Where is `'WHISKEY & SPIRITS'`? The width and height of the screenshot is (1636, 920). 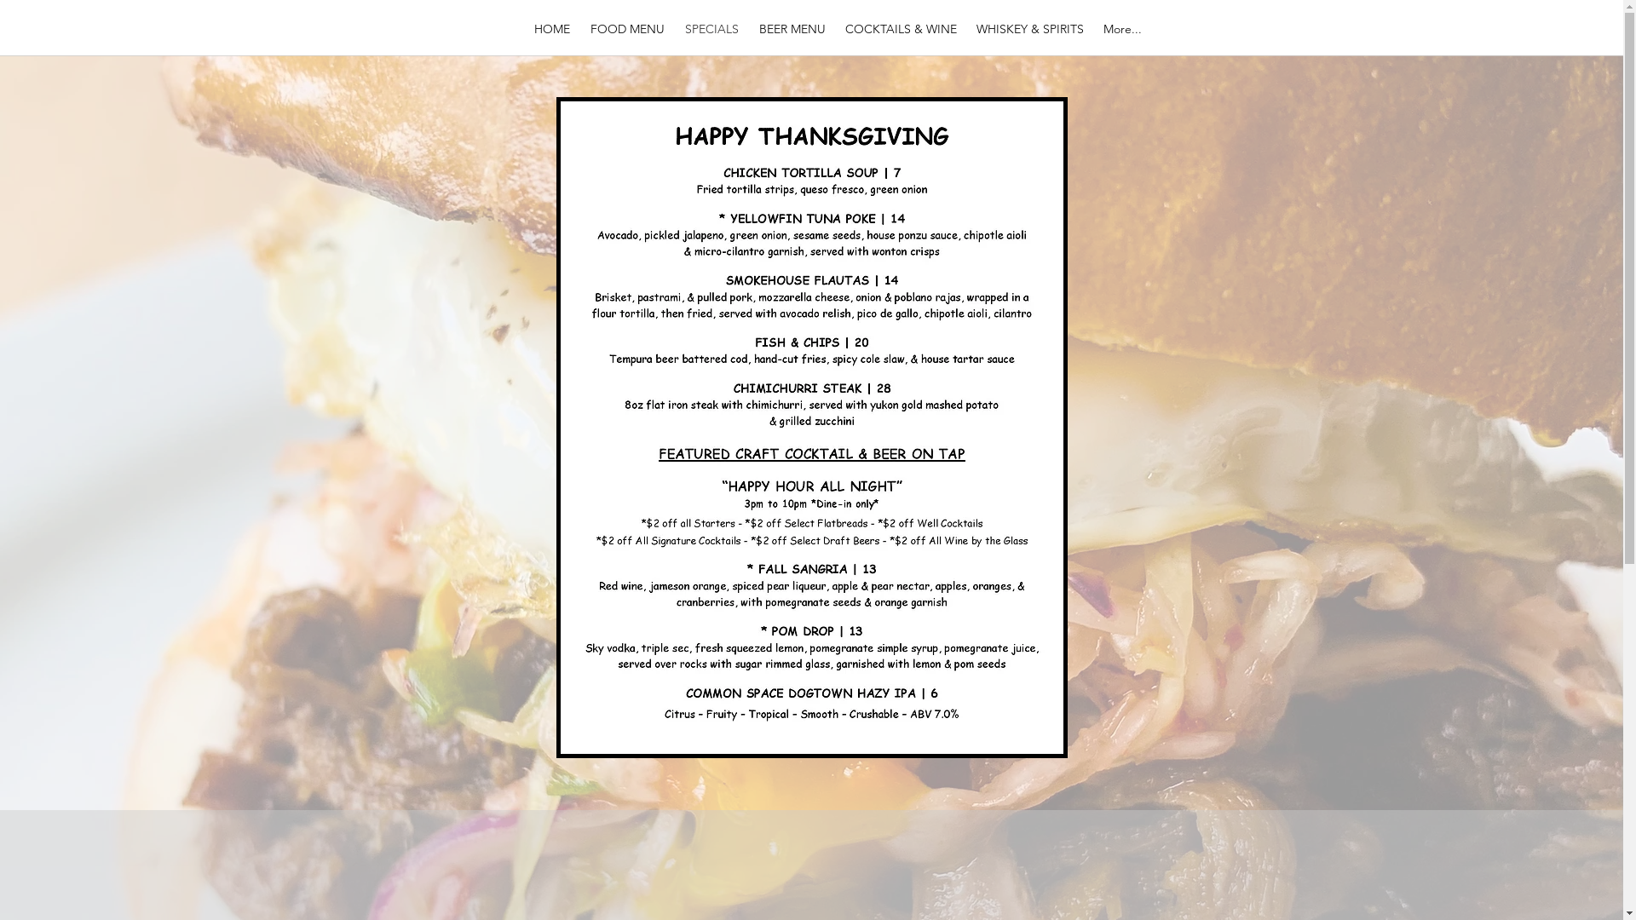
'WHISKEY & SPIRITS' is located at coordinates (1028, 28).